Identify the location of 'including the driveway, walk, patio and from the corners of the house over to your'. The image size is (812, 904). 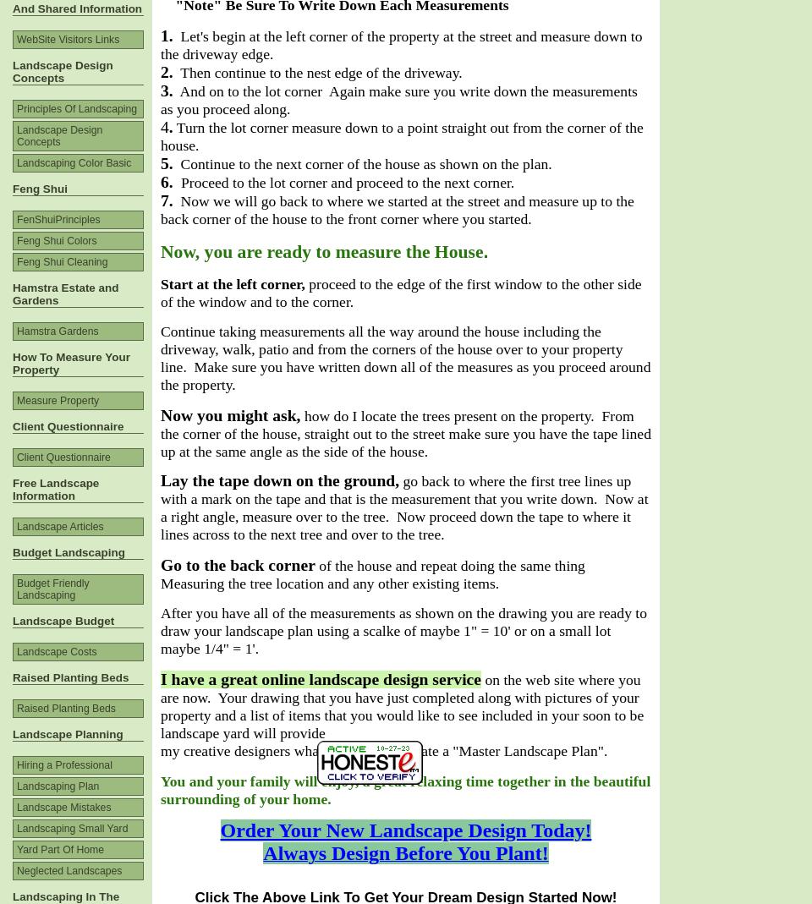
(381, 339).